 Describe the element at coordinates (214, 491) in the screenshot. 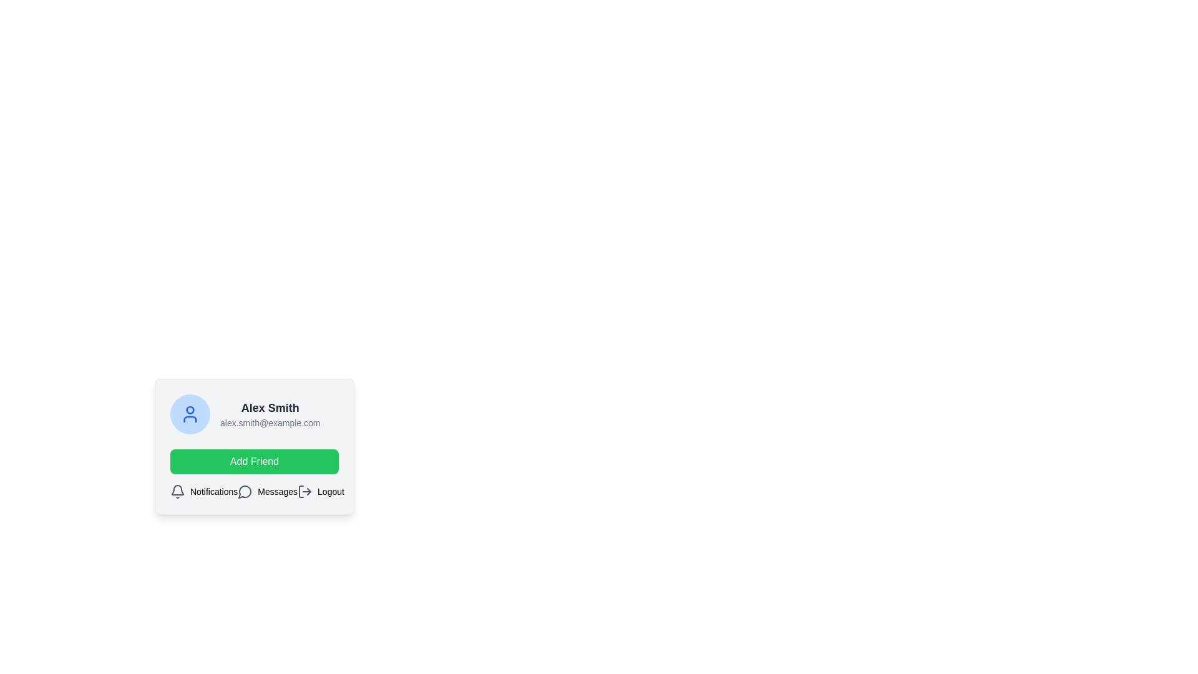

I see `the 'Notifications' text label, which describes the notification functionality and is positioned next to the bell icon in the horizontal row of items` at that location.